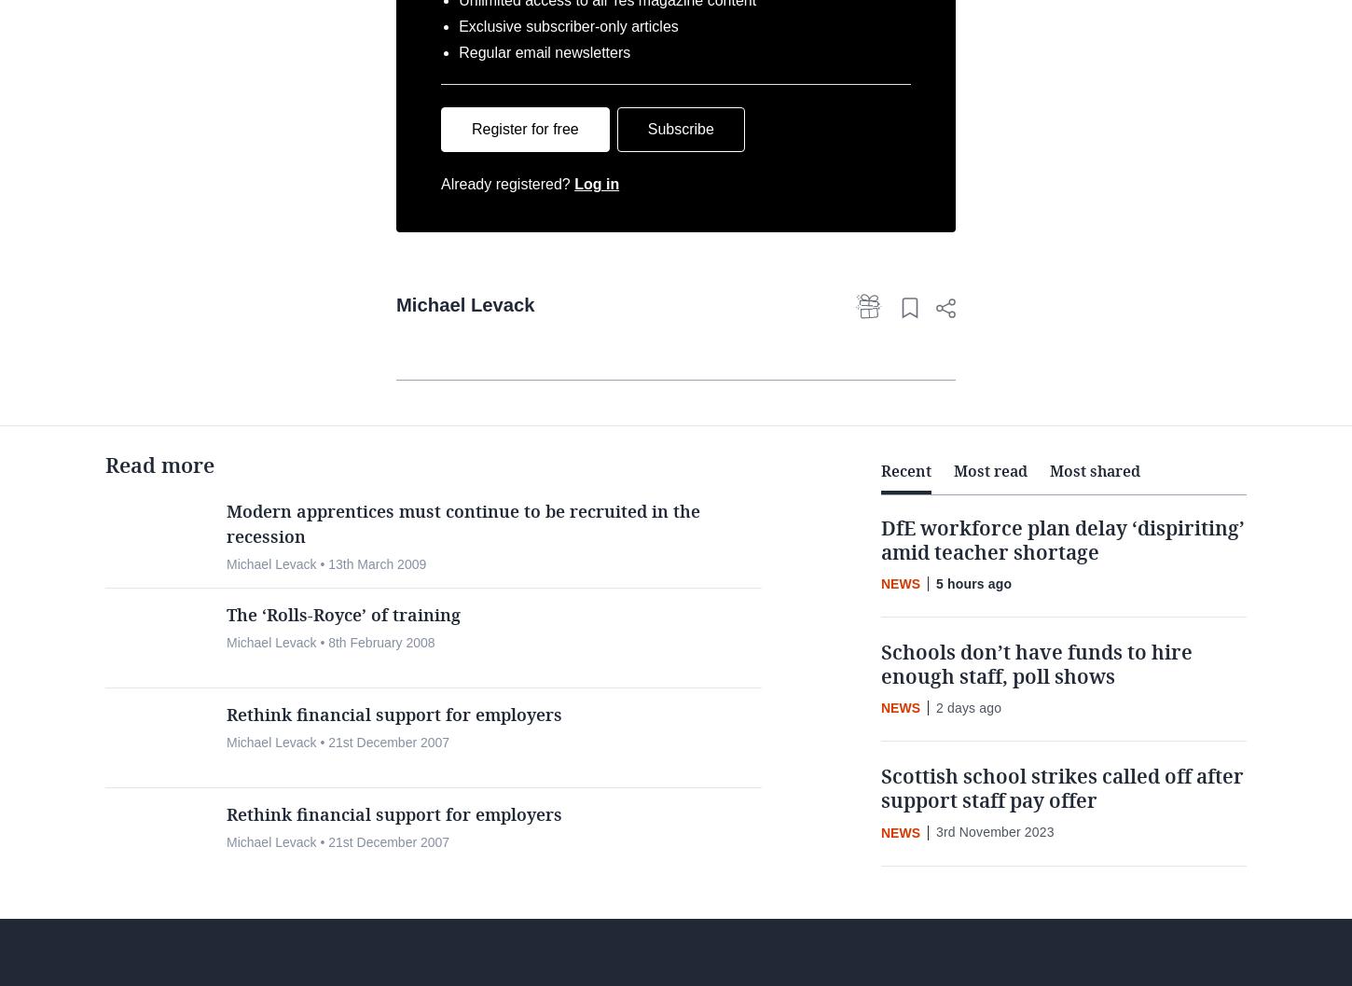  I want to click on 'Most read', so click(990, 535).